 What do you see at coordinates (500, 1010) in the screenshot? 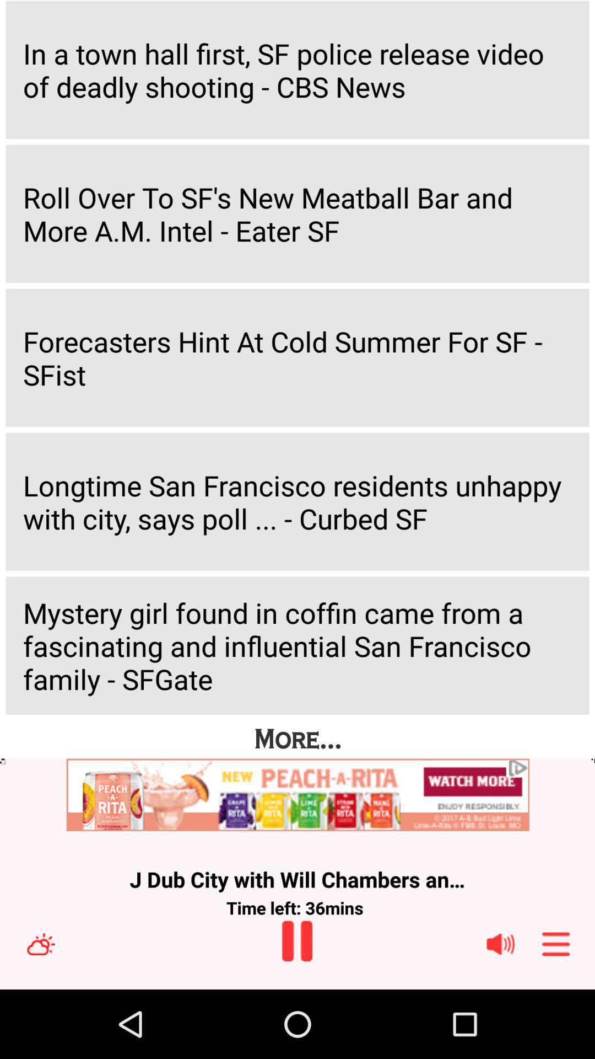
I see `the volume icon` at bounding box center [500, 1010].